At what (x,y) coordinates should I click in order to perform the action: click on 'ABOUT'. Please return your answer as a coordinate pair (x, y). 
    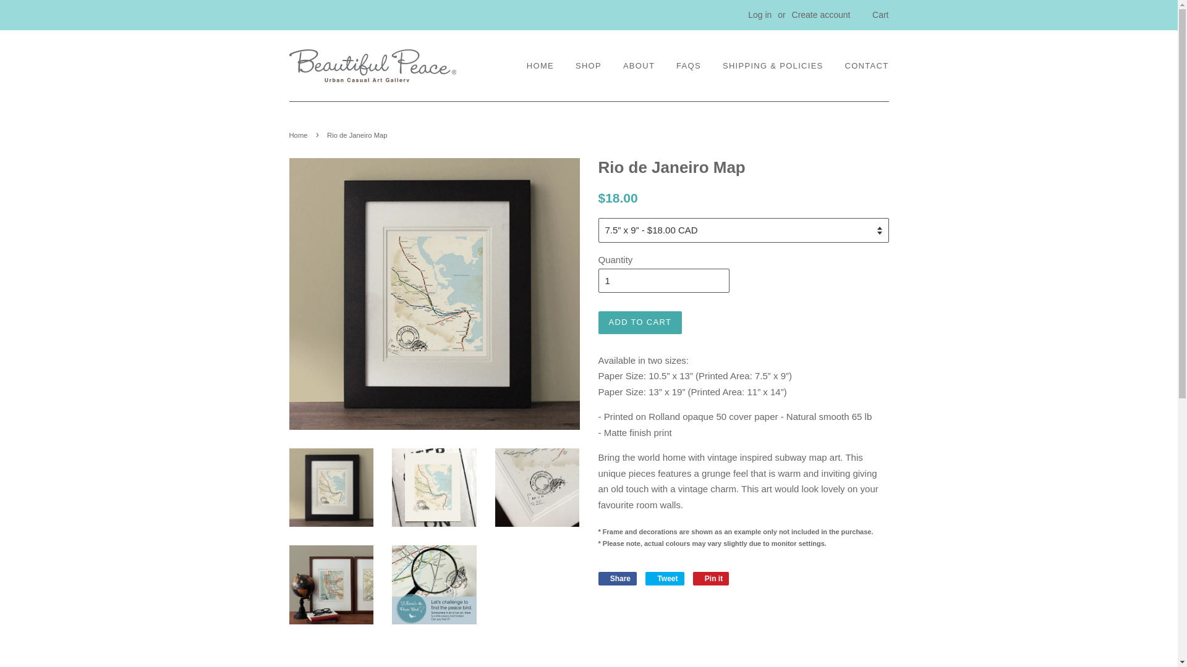
    Looking at the image, I should click on (639, 66).